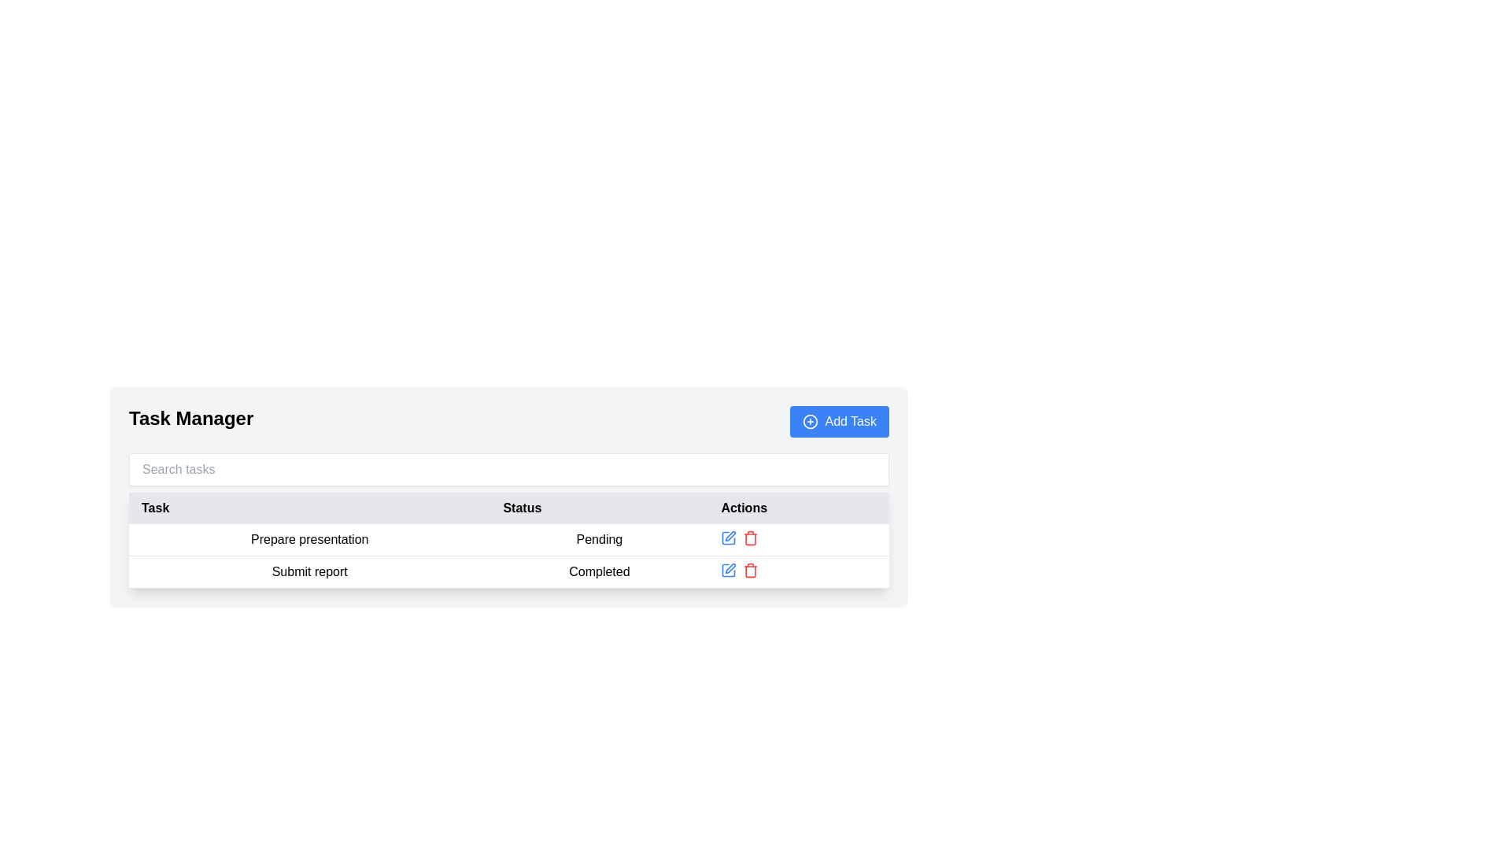 Image resolution: width=1511 pixels, height=850 pixels. I want to click on the first row of the task table, so click(509, 554).